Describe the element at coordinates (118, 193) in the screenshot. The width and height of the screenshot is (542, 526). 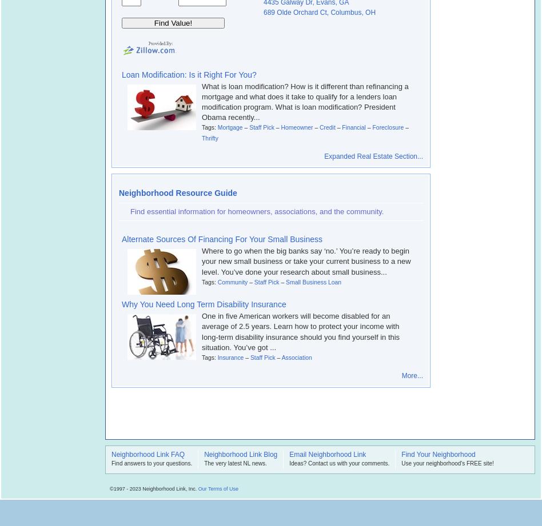
I see `'Neighborhood Resource Guide'` at that location.